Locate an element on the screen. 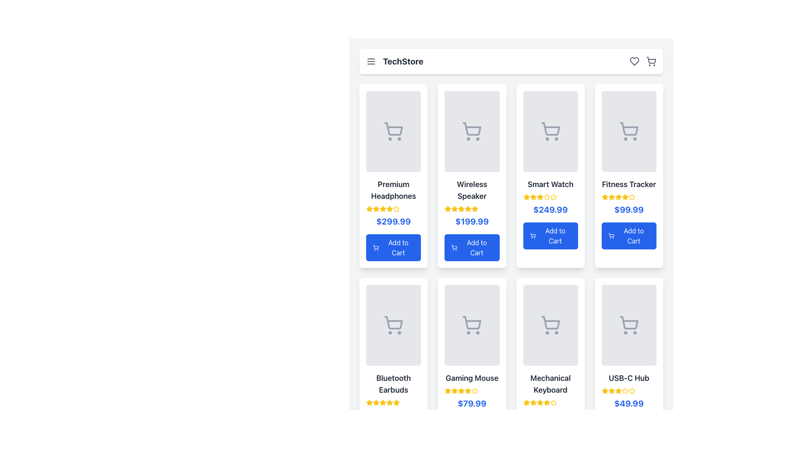 The width and height of the screenshot is (809, 455). the Rating display with star icons, which consists of five stars, four filled with yellow and one outlined, located below the 'Premium Headphones' title and above the price '$299.99' is located at coordinates (393, 209).